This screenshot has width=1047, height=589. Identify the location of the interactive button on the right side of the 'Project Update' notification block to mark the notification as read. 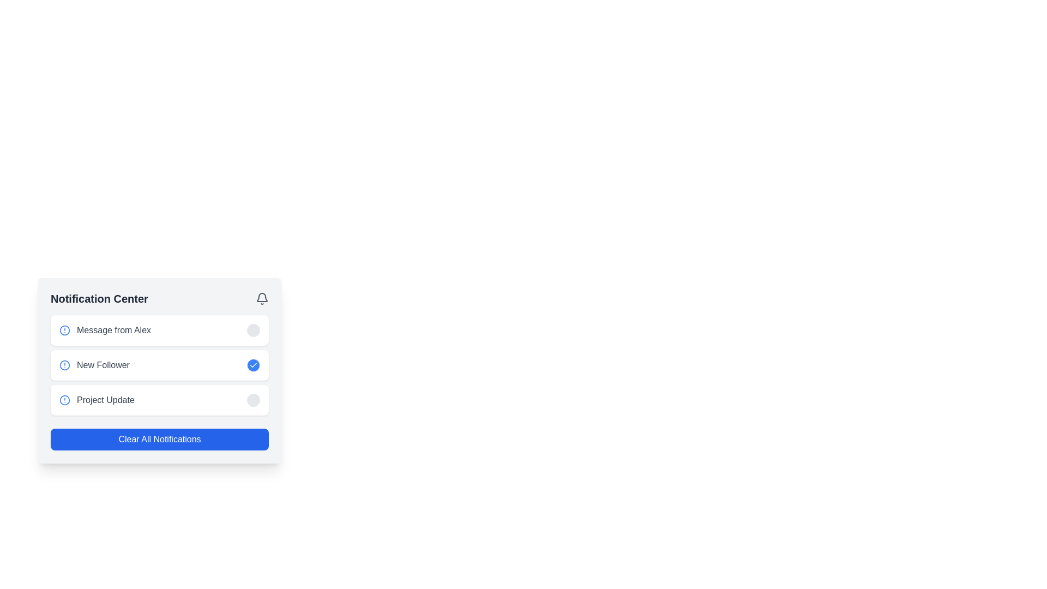
(253, 400).